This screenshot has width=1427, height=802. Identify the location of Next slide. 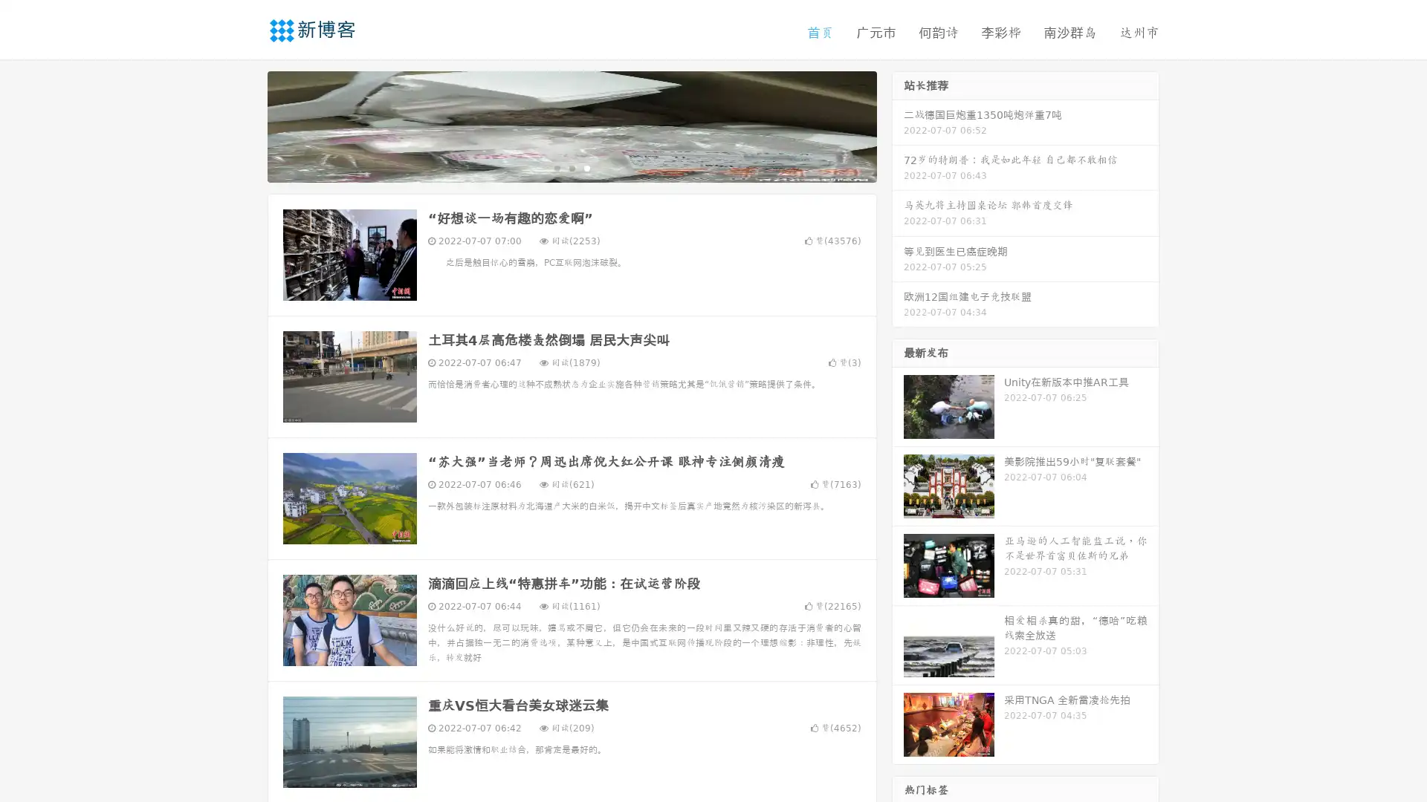
(898, 125).